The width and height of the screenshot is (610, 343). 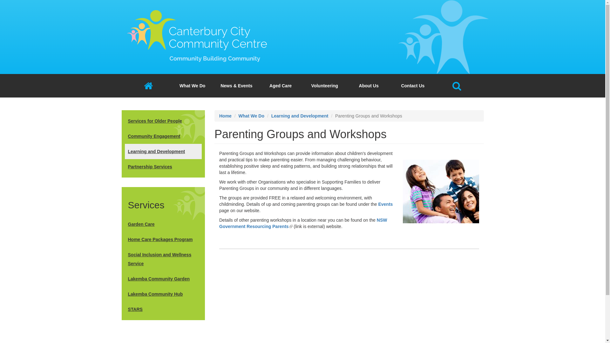 I want to click on 'What We Do', so click(x=192, y=86).